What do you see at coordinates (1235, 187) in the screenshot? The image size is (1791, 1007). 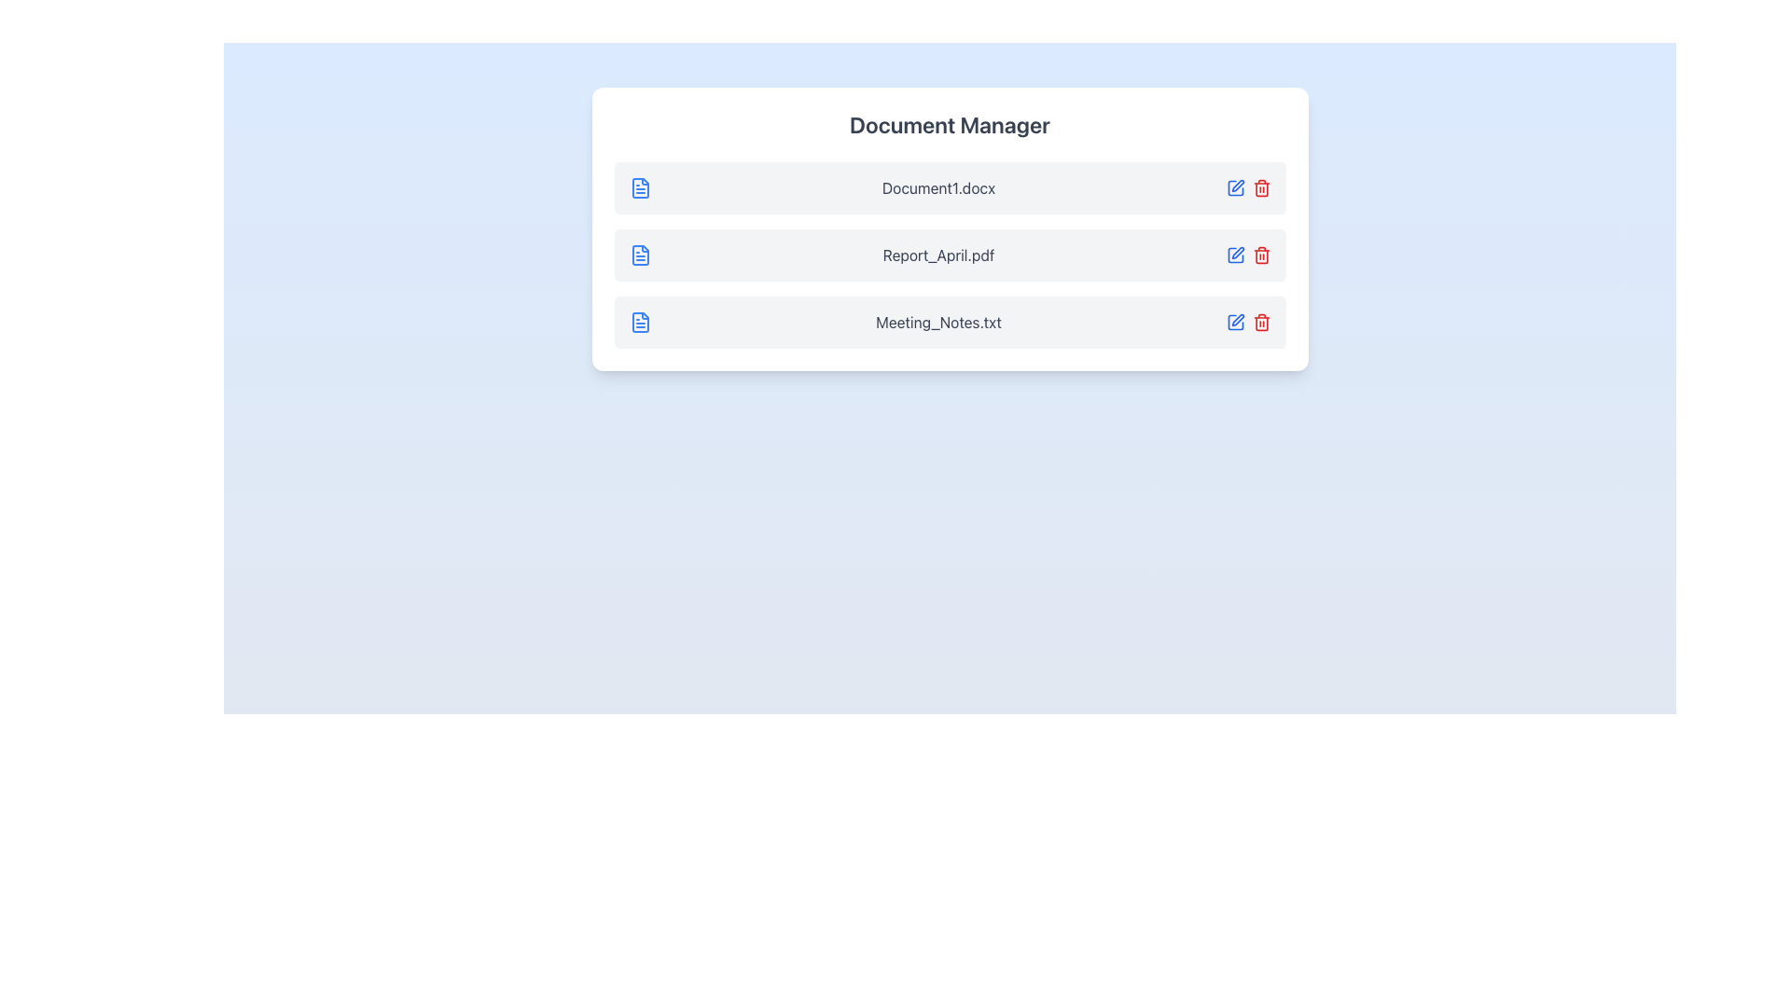 I see `the edit button located to the right of 'Document1.docx' to initiate editing` at bounding box center [1235, 187].